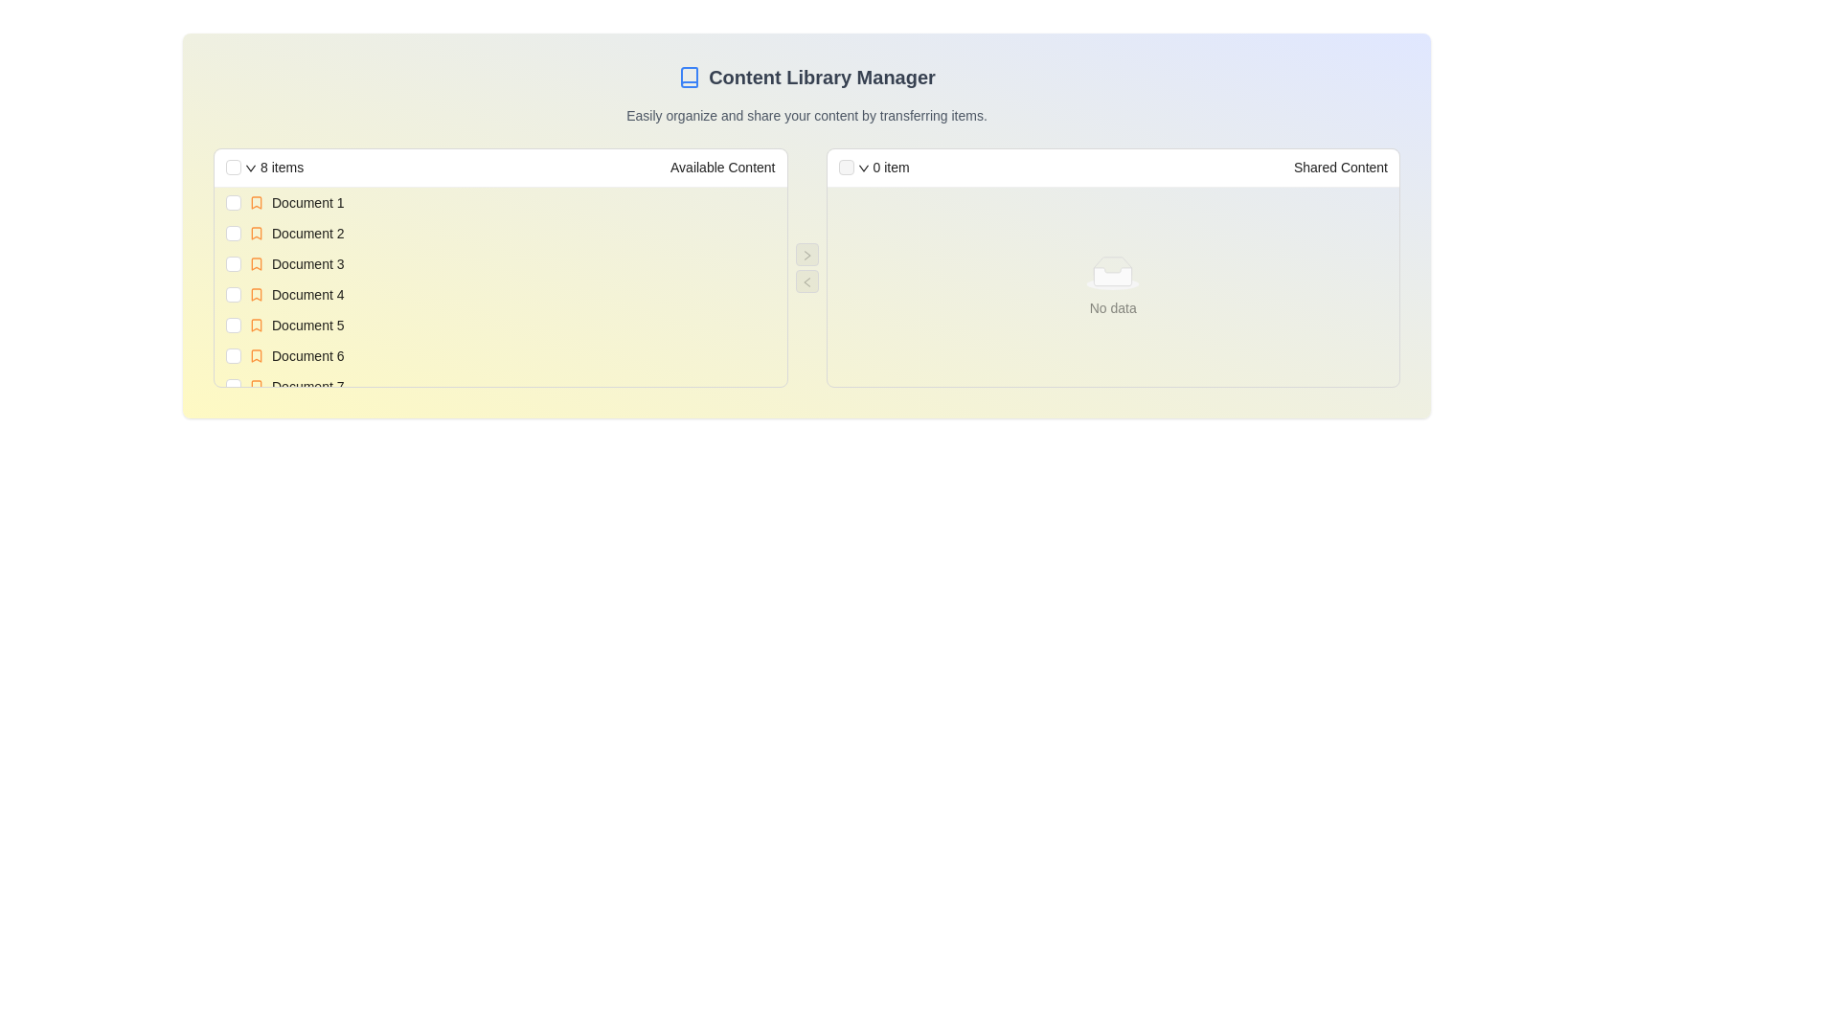 The image size is (1839, 1034). Describe the element at coordinates (256, 232) in the screenshot. I see `the orange outline bookmark icon located to the left of the label 'Document 2' in the second row of the 'Available Content' list` at that location.